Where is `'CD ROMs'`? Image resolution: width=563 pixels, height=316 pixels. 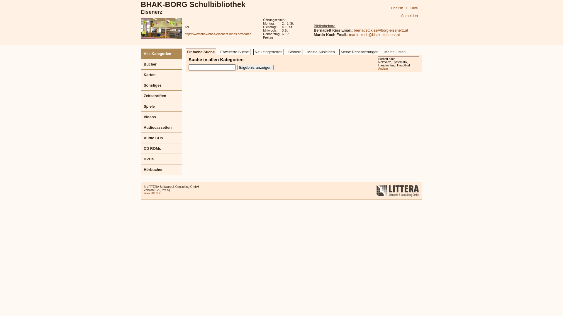
'CD ROMs' is located at coordinates (161, 148).